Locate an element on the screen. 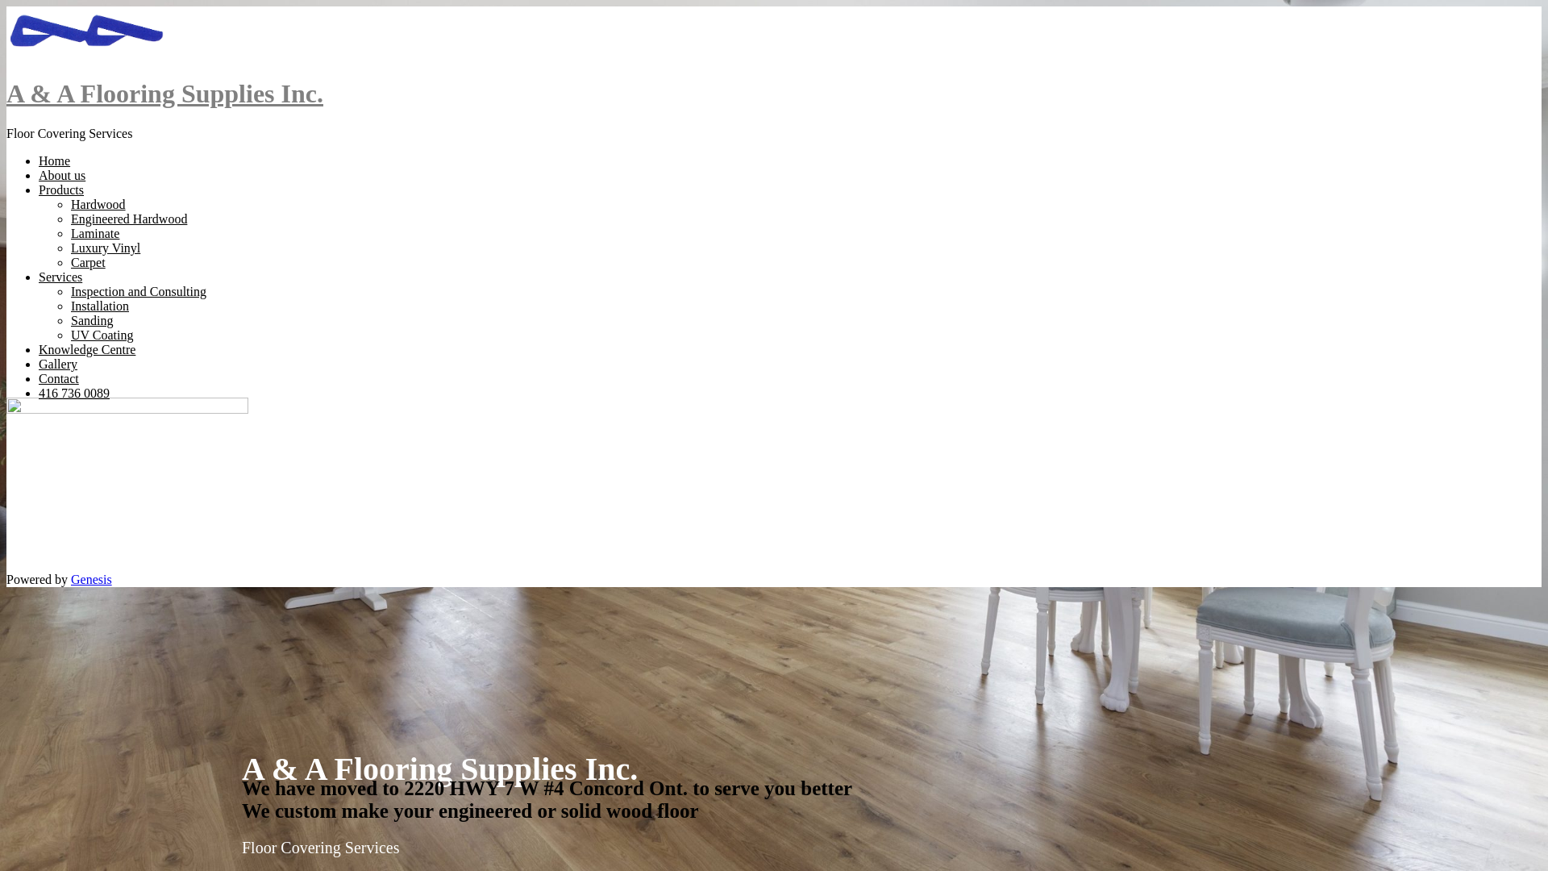 The width and height of the screenshot is (1548, 871). 'Home' is located at coordinates (54, 160).